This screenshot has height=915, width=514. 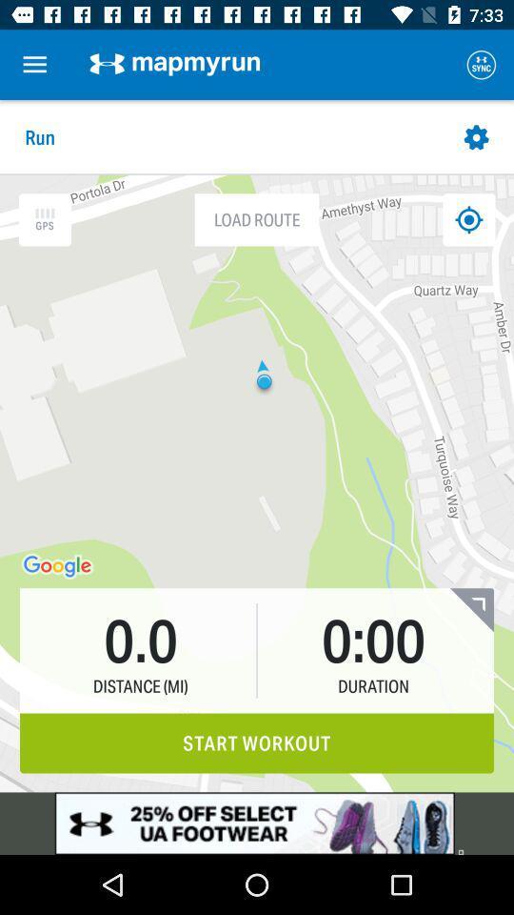 What do you see at coordinates (467, 219) in the screenshot?
I see `current location` at bounding box center [467, 219].